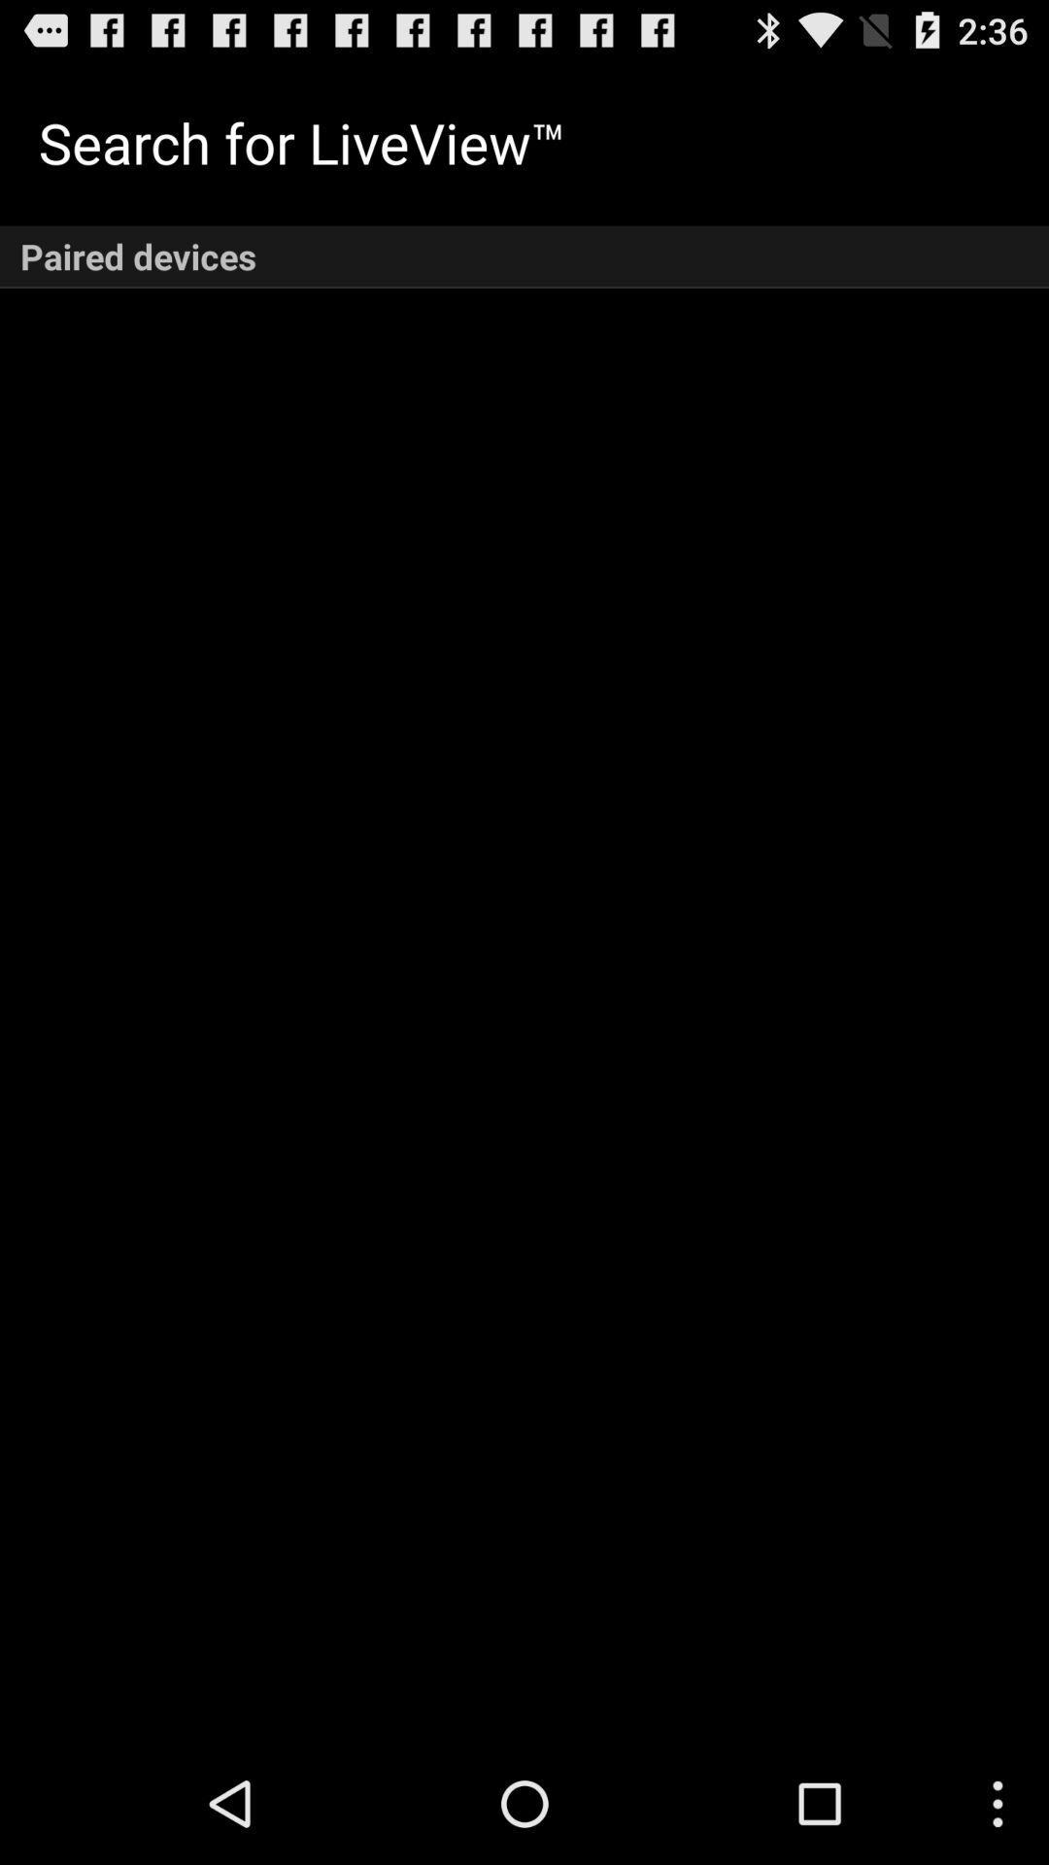  Describe the element at coordinates (524, 255) in the screenshot. I see `the paired devices icon` at that location.